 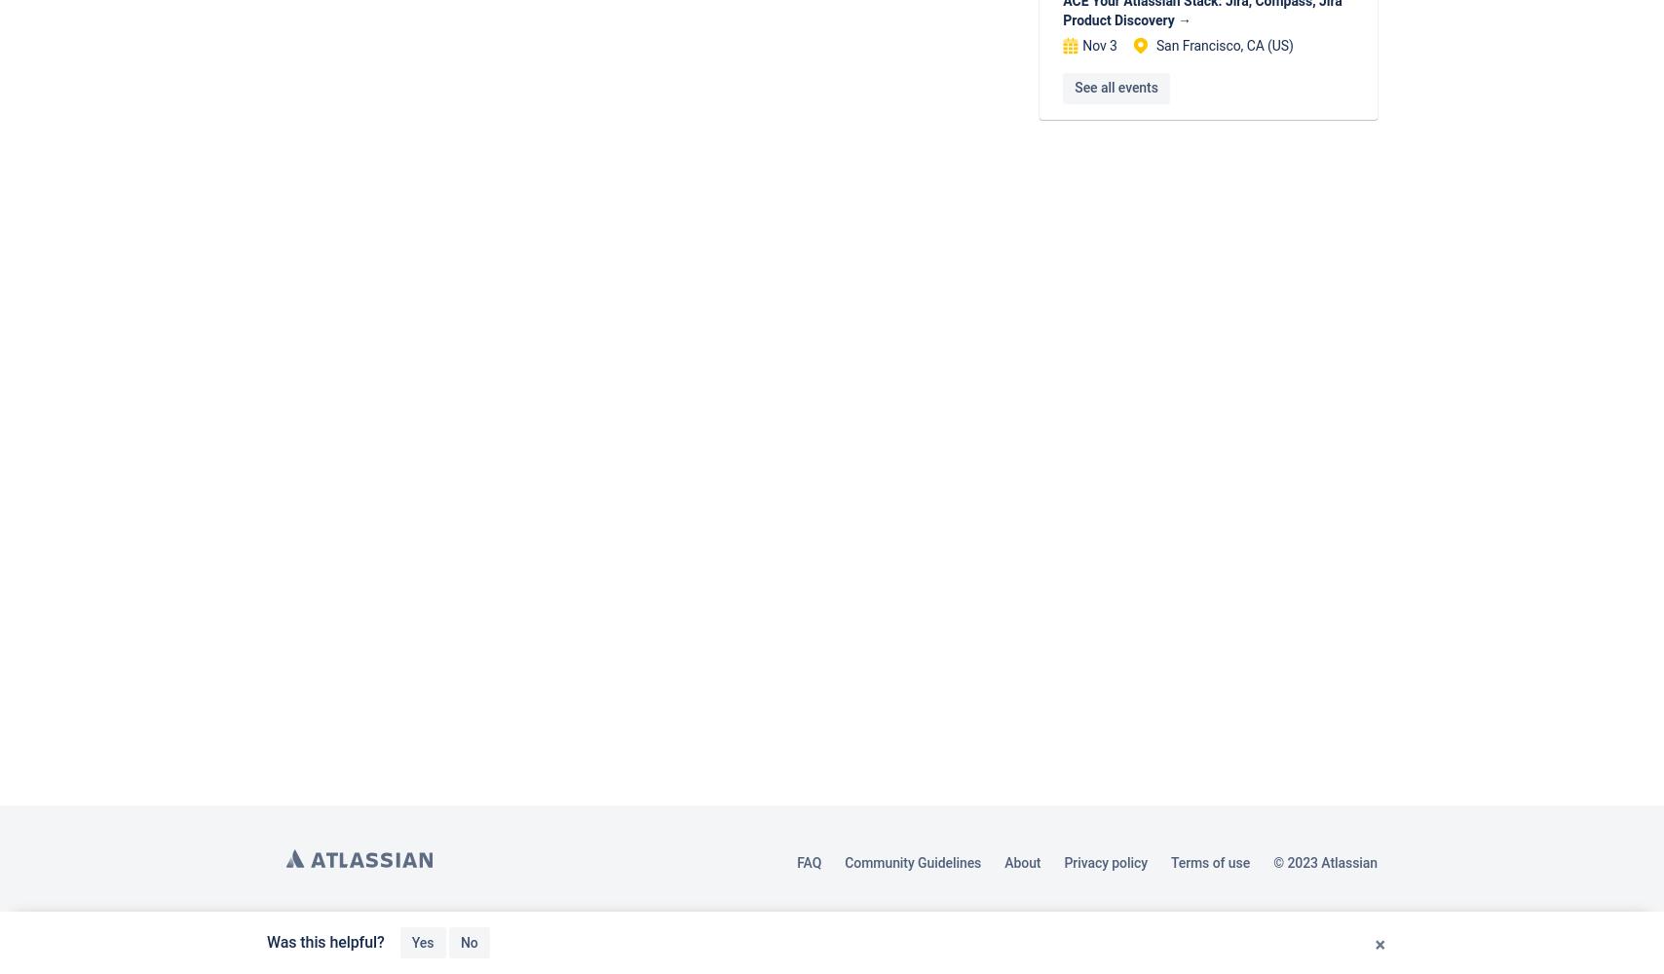 I want to click on 'Yes', so click(x=422, y=942).